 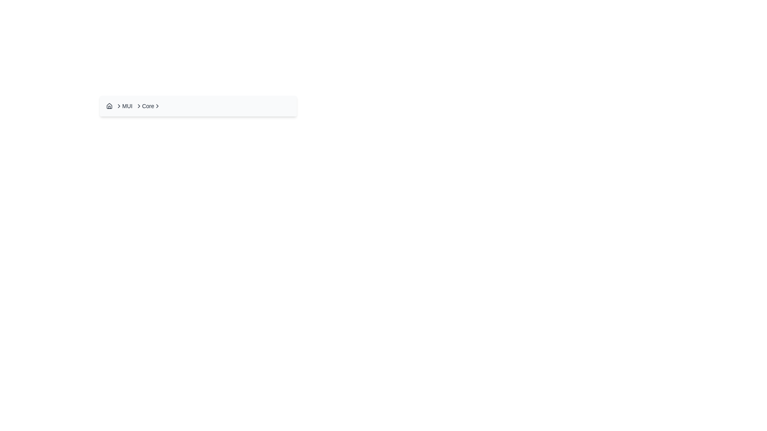 What do you see at coordinates (109, 105) in the screenshot?
I see `the decorative vector graphic representing a house roof, located in the top-left section of the breadcrumb navigation bar` at bounding box center [109, 105].